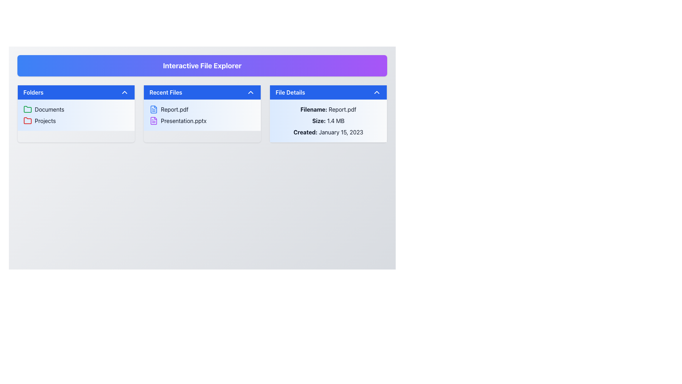  I want to click on the file name in the second position of the 'Recent Files' section, so click(202, 115).